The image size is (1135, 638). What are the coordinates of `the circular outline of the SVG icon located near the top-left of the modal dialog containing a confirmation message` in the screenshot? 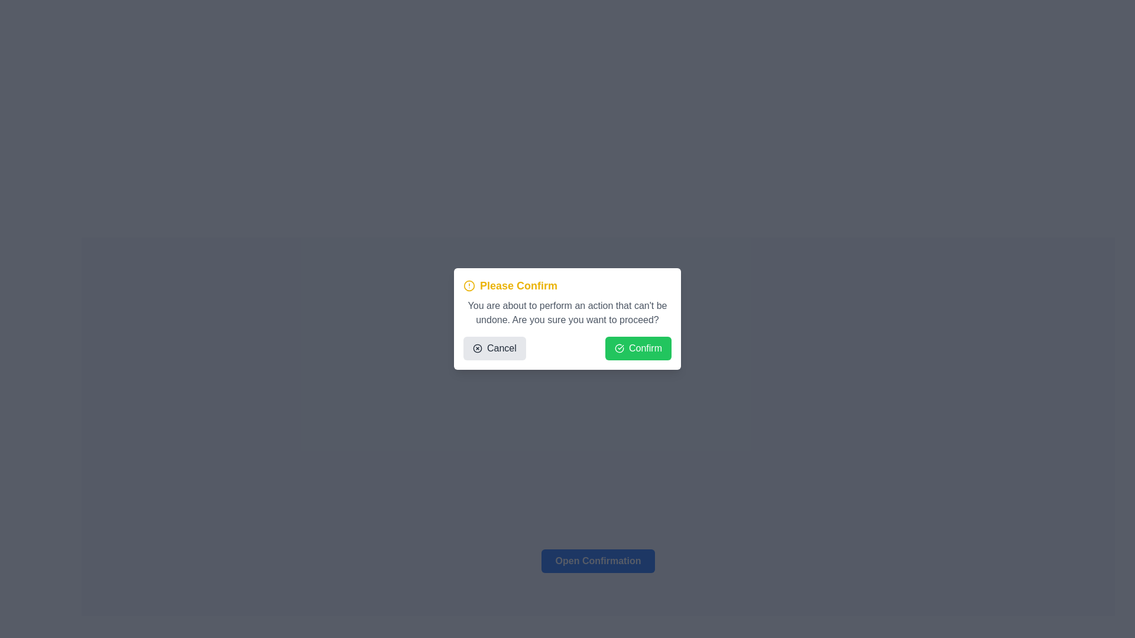 It's located at (477, 348).